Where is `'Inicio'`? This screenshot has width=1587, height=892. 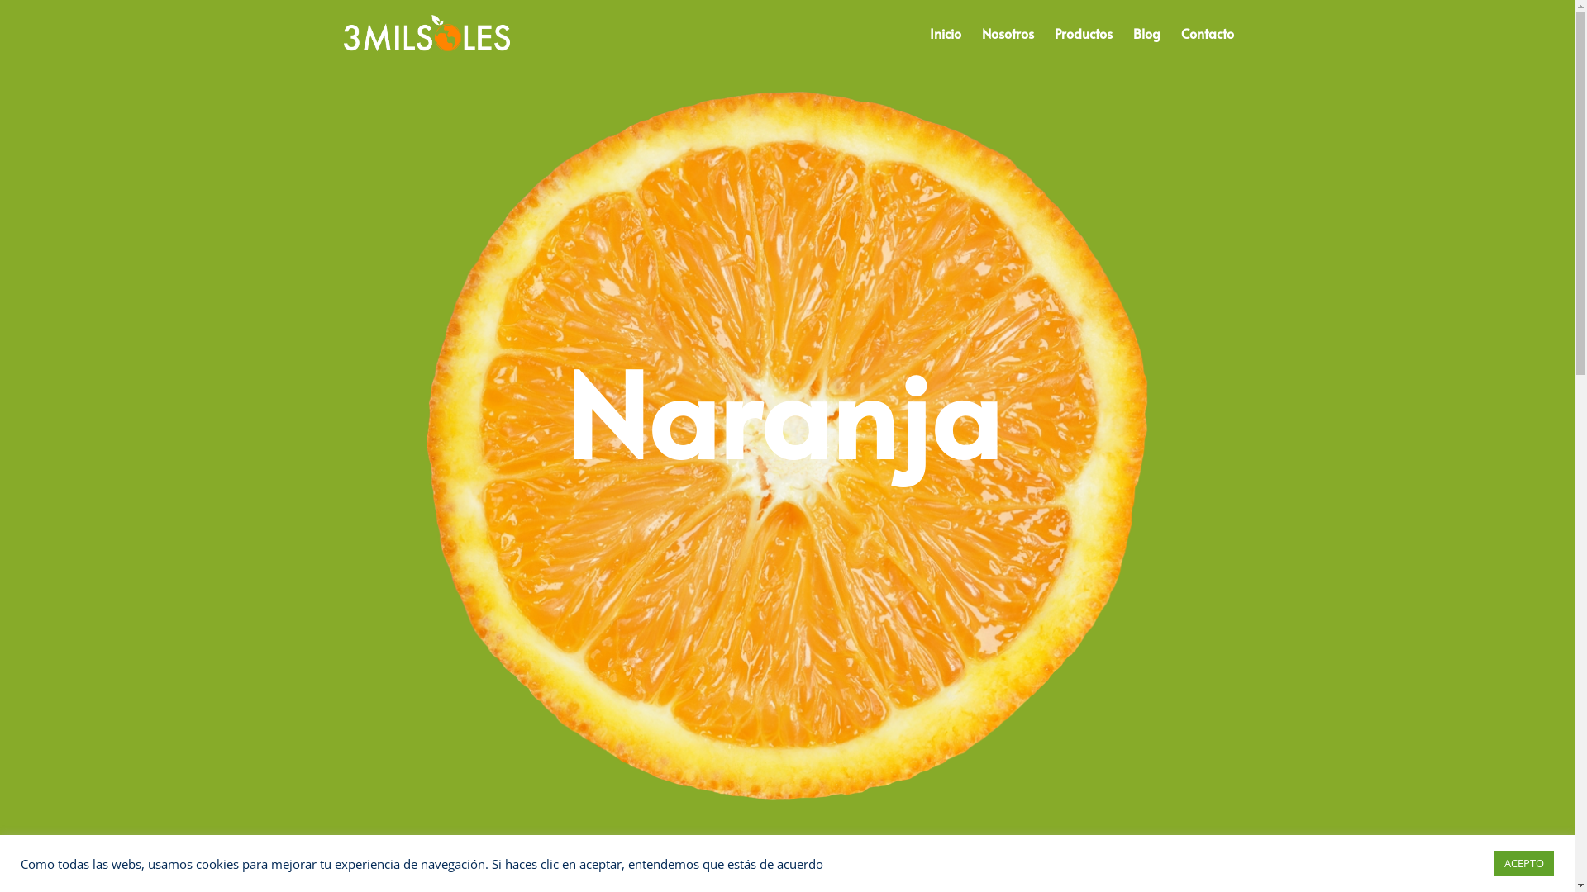 'Inicio' is located at coordinates (928, 45).